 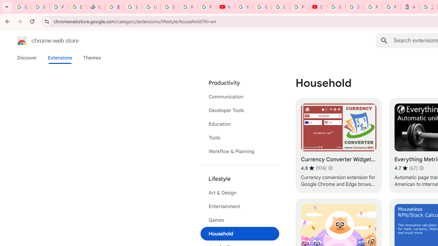 What do you see at coordinates (280, 7) in the screenshot?
I see `'Create your Google Account'` at bounding box center [280, 7].